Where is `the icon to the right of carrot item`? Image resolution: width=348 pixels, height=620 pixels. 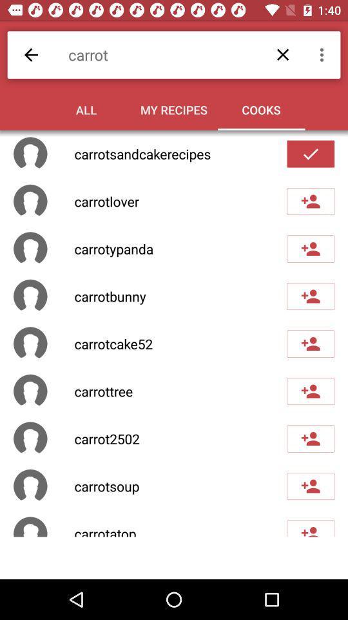 the icon to the right of carrot item is located at coordinates (323, 55).